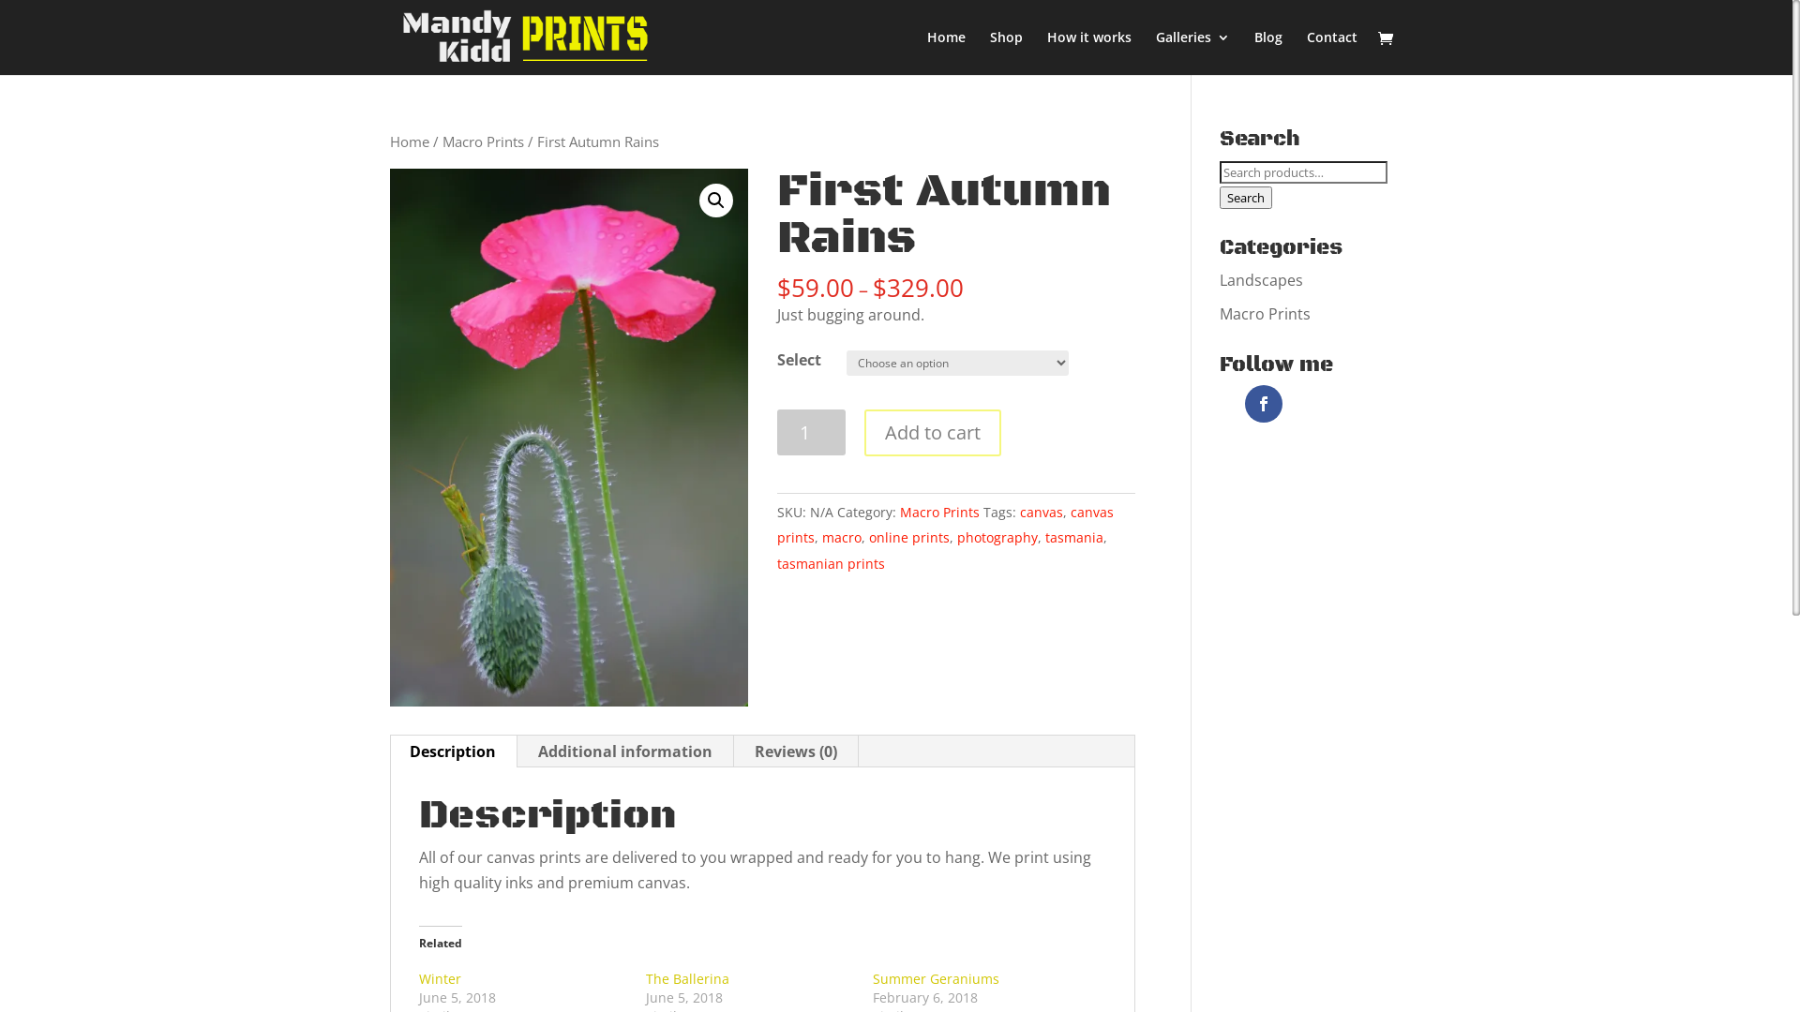 The height and width of the screenshot is (1012, 1800). What do you see at coordinates (1219, 280) in the screenshot?
I see `'Landscapes'` at bounding box center [1219, 280].